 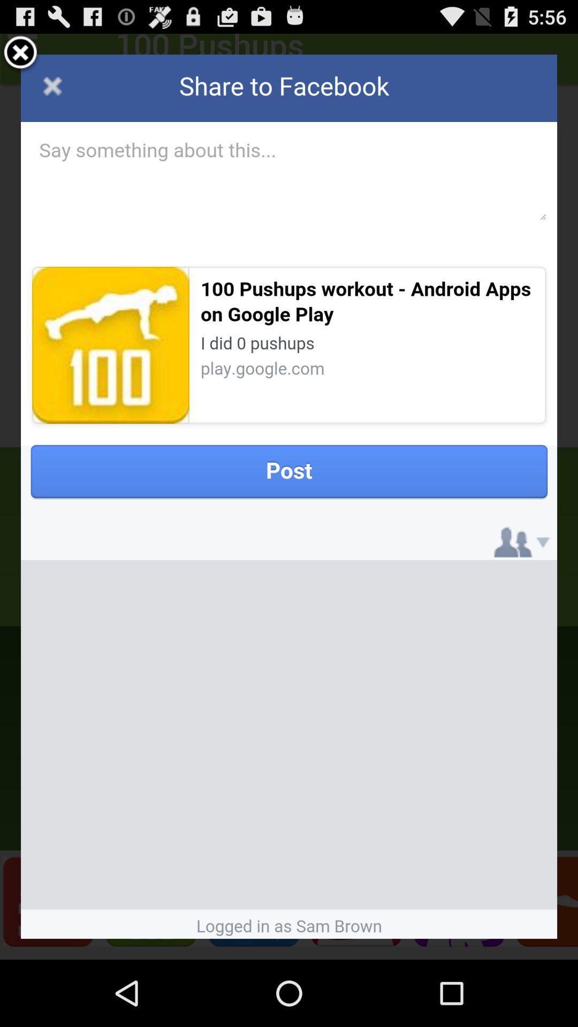 I want to click on the close icon, so click(x=20, y=57).